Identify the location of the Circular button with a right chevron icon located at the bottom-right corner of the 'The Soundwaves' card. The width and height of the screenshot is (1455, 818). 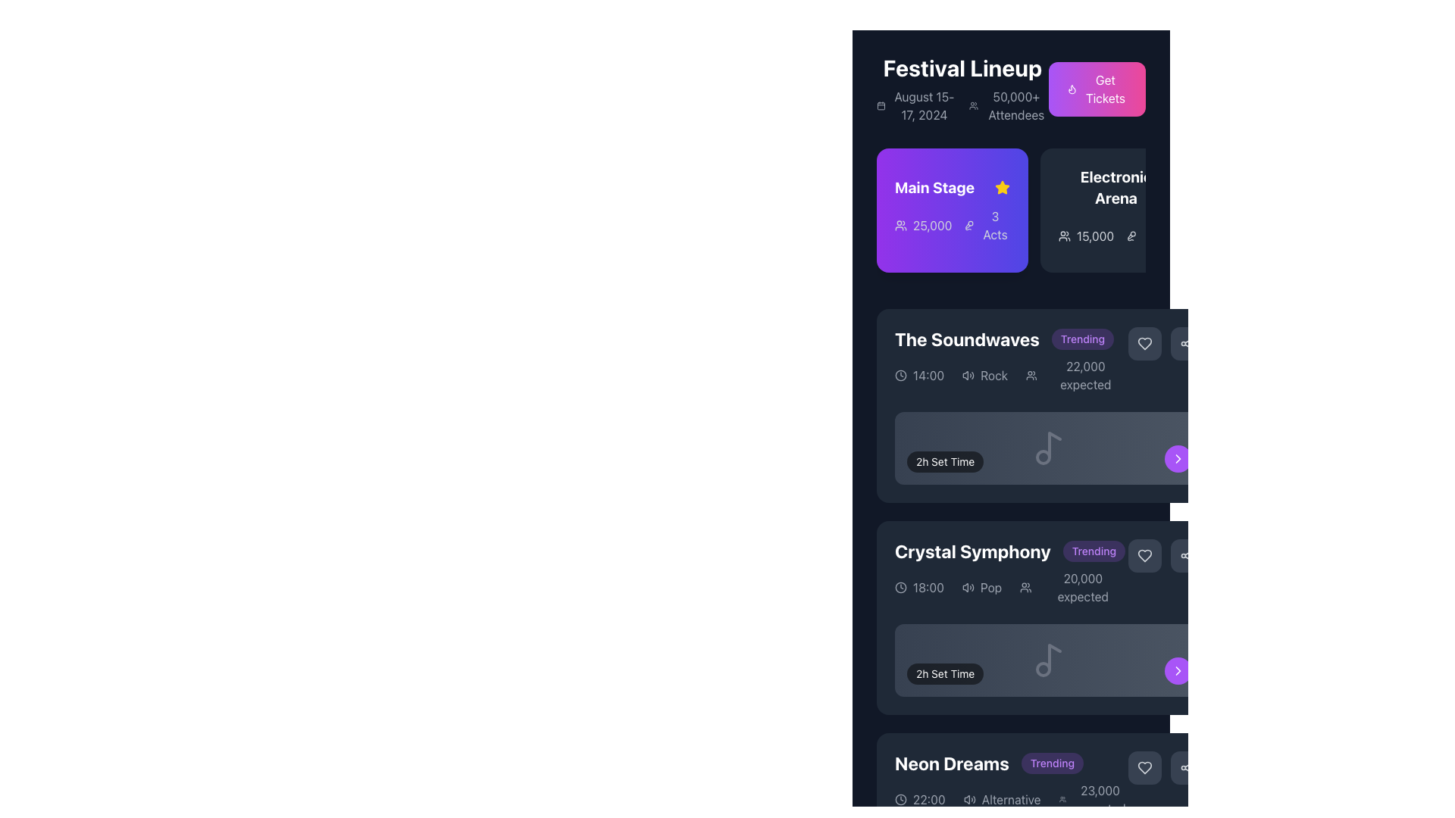
(1178, 457).